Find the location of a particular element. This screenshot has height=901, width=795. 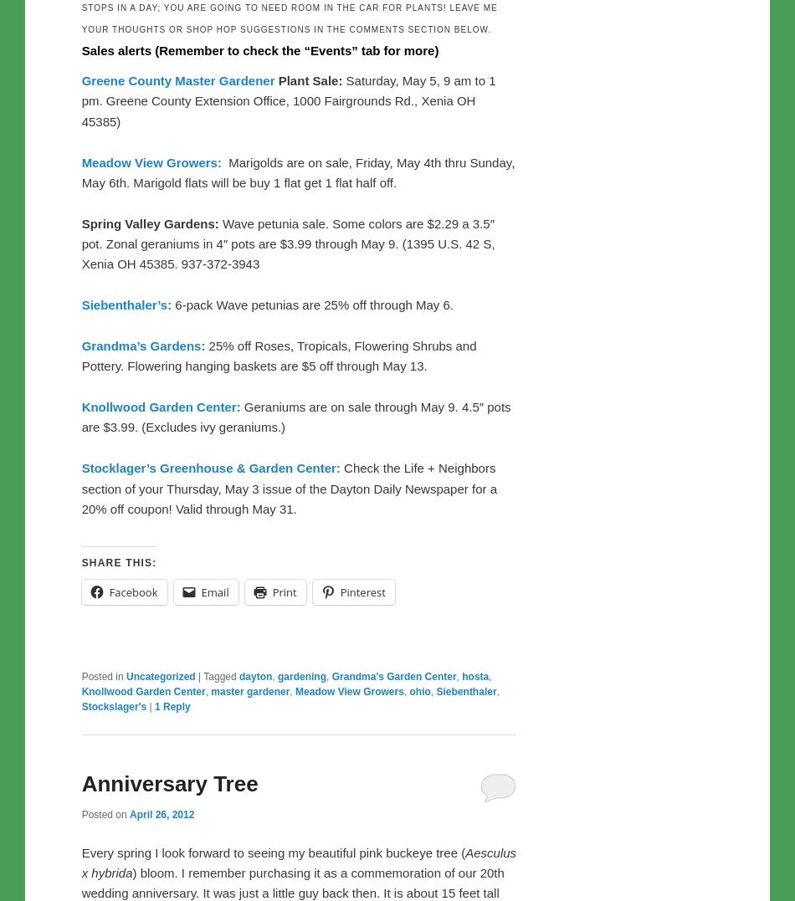

'Anniversary Tree' is located at coordinates (169, 782).